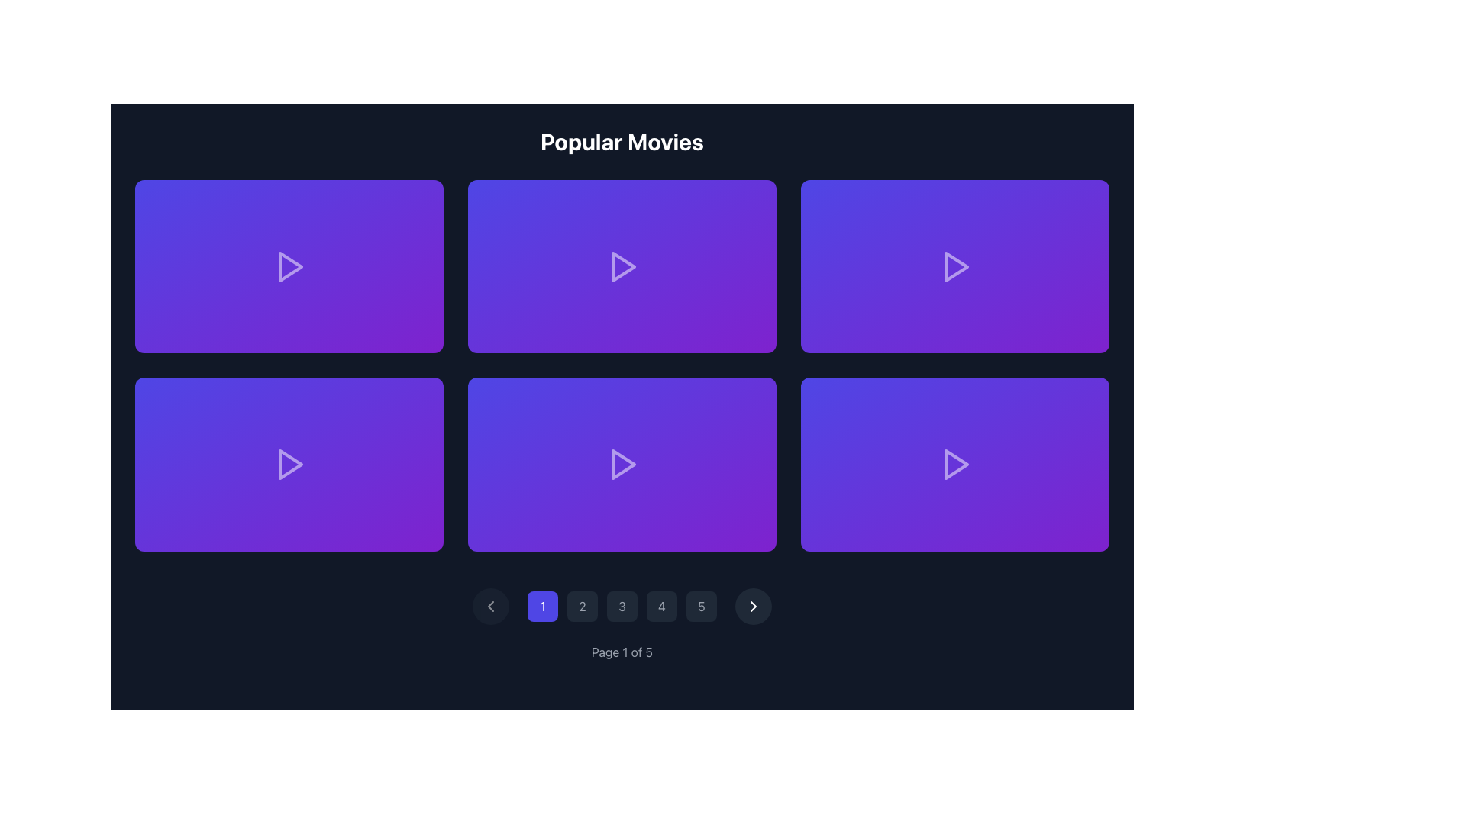 Image resolution: width=1466 pixels, height=824 pixels. I want to click on the play button element located in the second row and first column of the grid, so click(289, 463).